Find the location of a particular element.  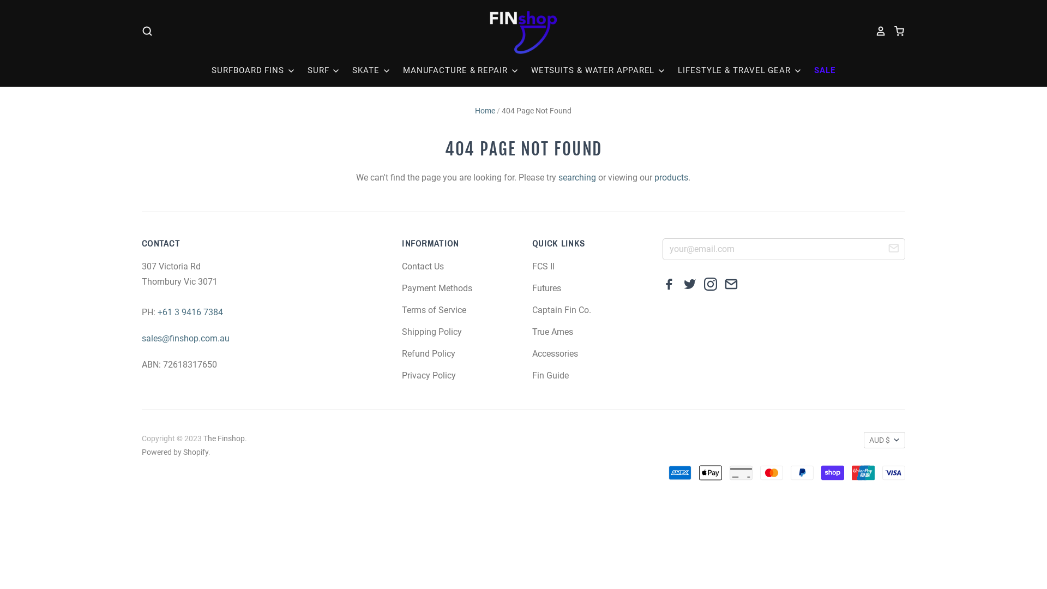

'Powered by Shopify' is located at coordinates (141, 452).